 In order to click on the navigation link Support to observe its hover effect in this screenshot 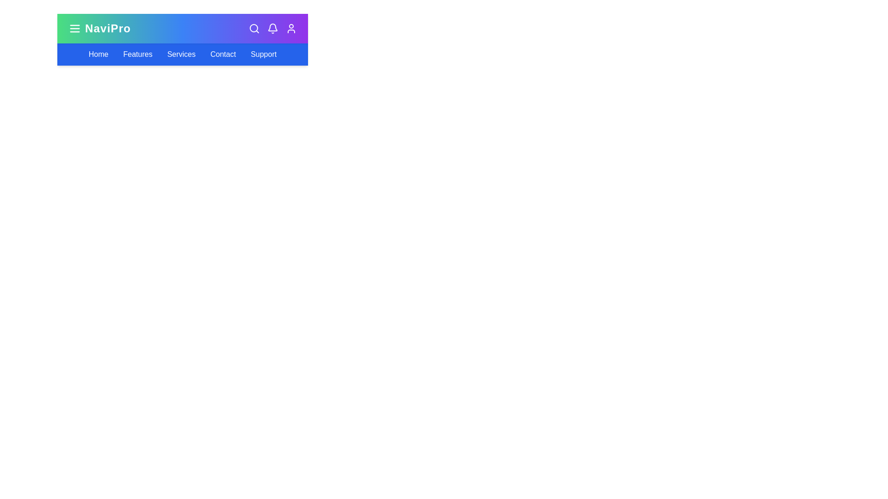, I will do `click(263, 55)`.